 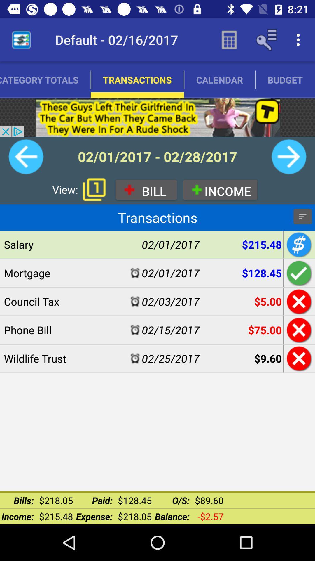 I want to click on see the money, so click(x=298, y=244).